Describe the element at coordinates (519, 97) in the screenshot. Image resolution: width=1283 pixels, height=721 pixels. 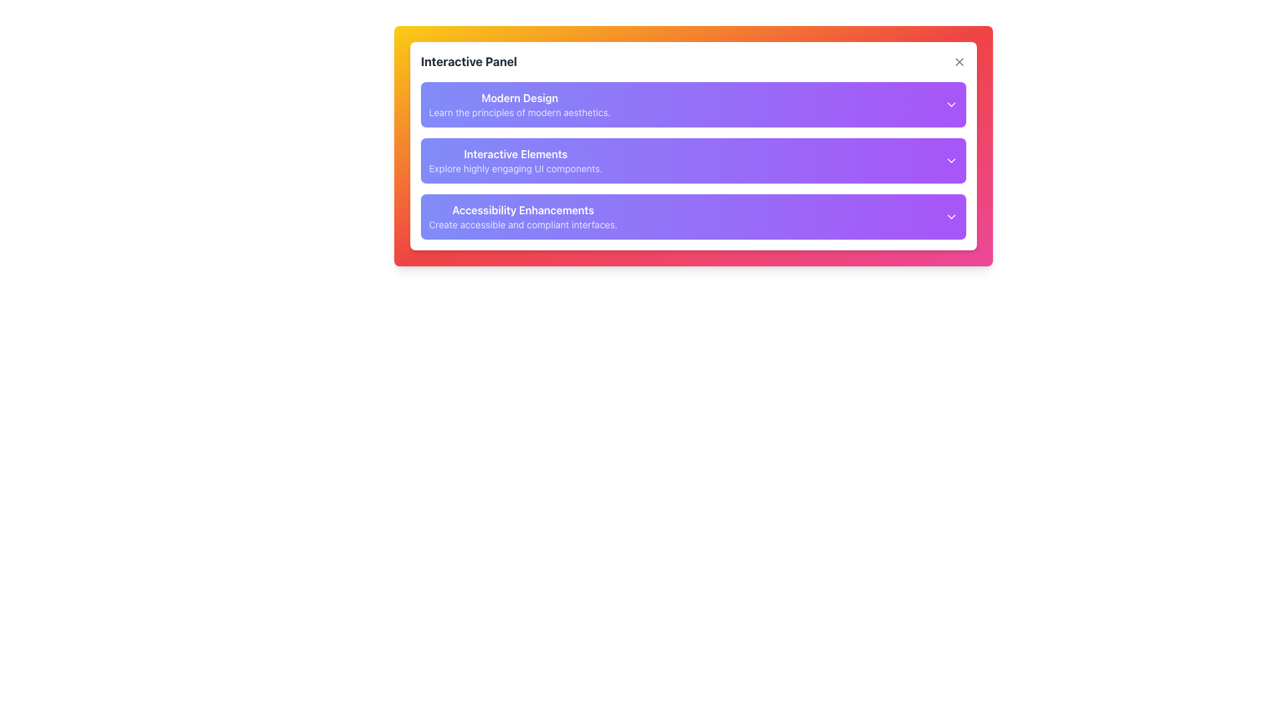
I see `the Text Label displaying 'Modern Design' which is prominently positioned at the top of the 'Interactive Panel'` at that location.